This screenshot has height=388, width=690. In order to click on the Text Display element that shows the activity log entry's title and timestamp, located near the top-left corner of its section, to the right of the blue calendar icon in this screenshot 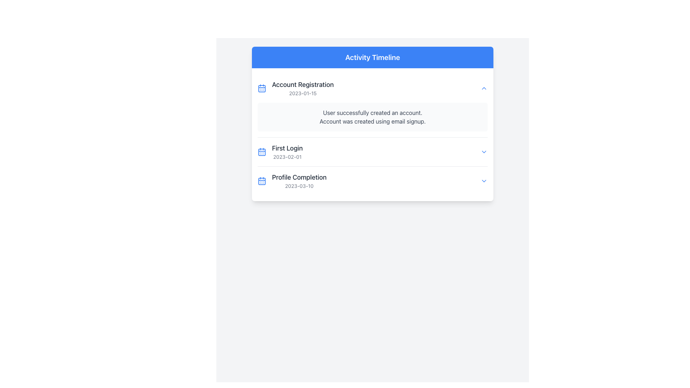, I will do `click(303, 88)`.